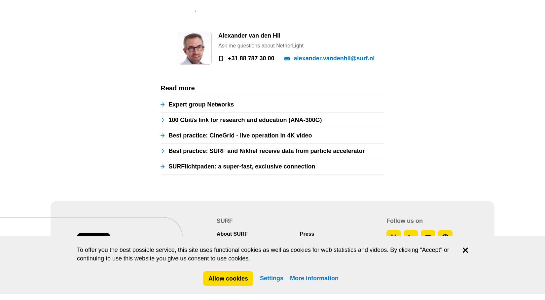  I want to click on 'Privacy', so click(263, 56).